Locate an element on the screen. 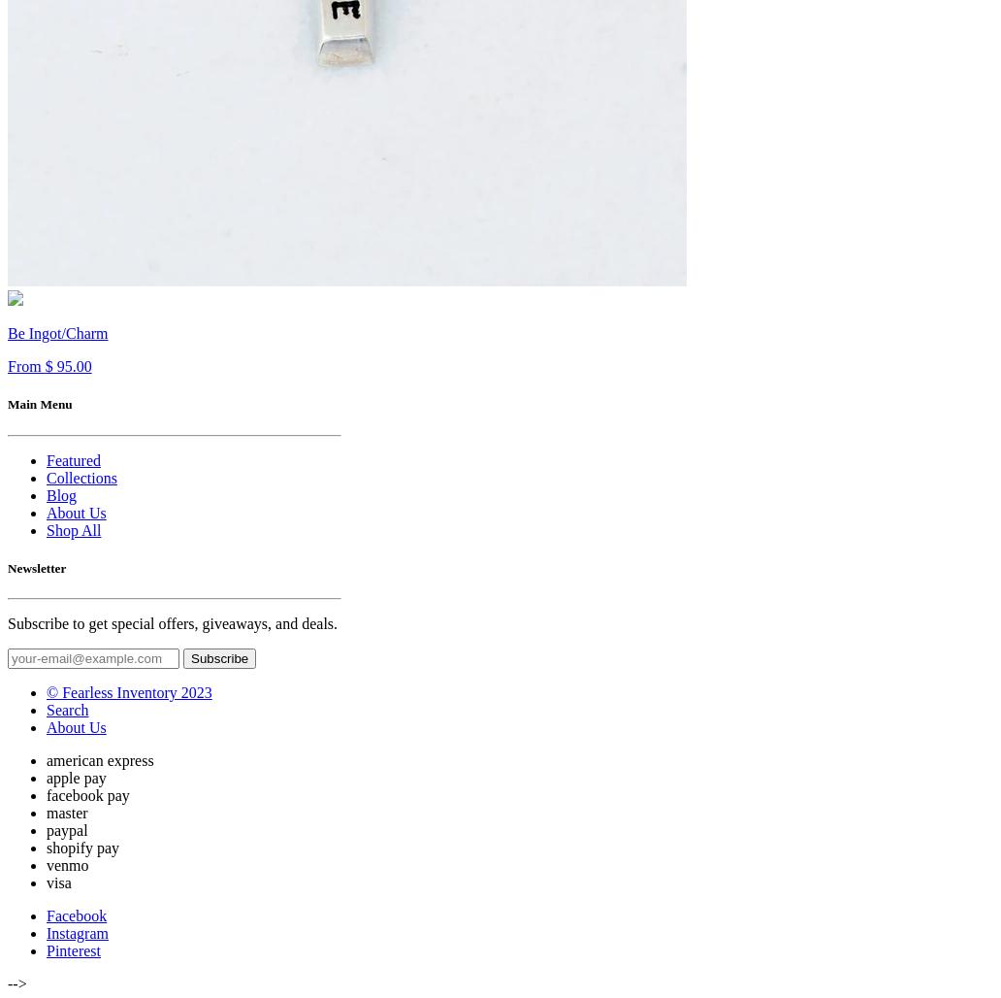  'Instagram' is located at coordinates (77, 932).